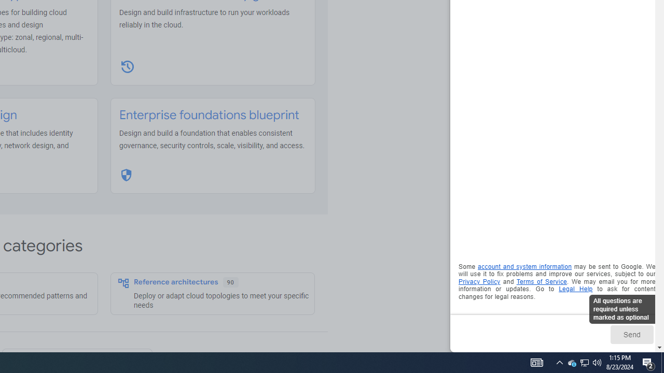 The width and height of the screenshot is (664, 373). I want to click on 'Opens in a new tab. Legal Help', so click(575, 289).